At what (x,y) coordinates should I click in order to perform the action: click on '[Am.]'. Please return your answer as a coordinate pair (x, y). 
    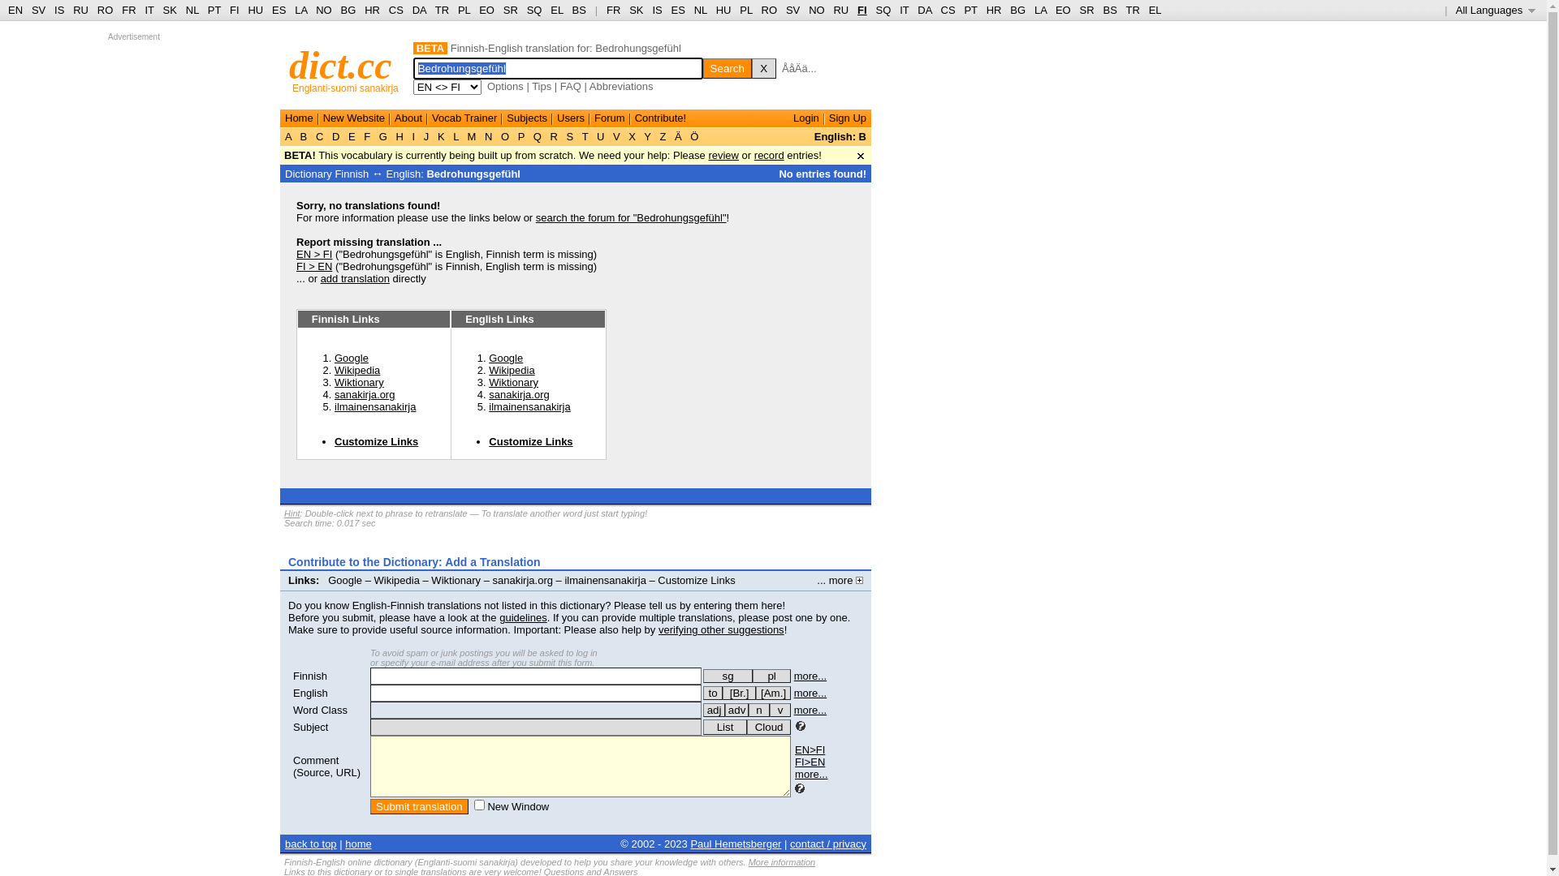
    Looking at the image, I should click on (772, 693).